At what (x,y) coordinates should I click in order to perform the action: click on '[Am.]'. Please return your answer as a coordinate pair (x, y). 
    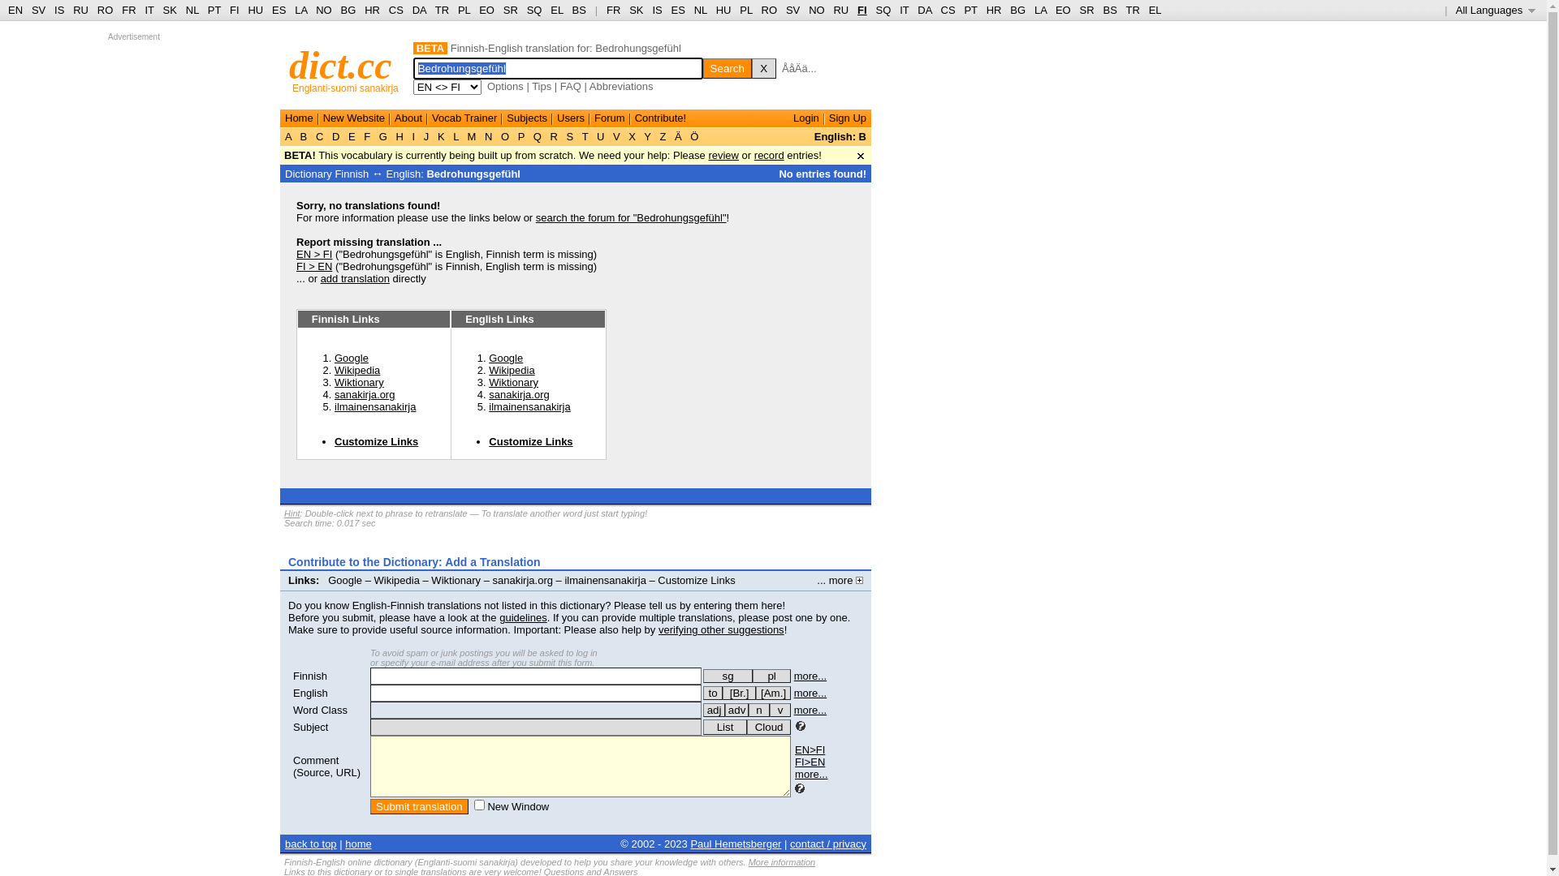
    Looking at the image, I should click on (772, 693).